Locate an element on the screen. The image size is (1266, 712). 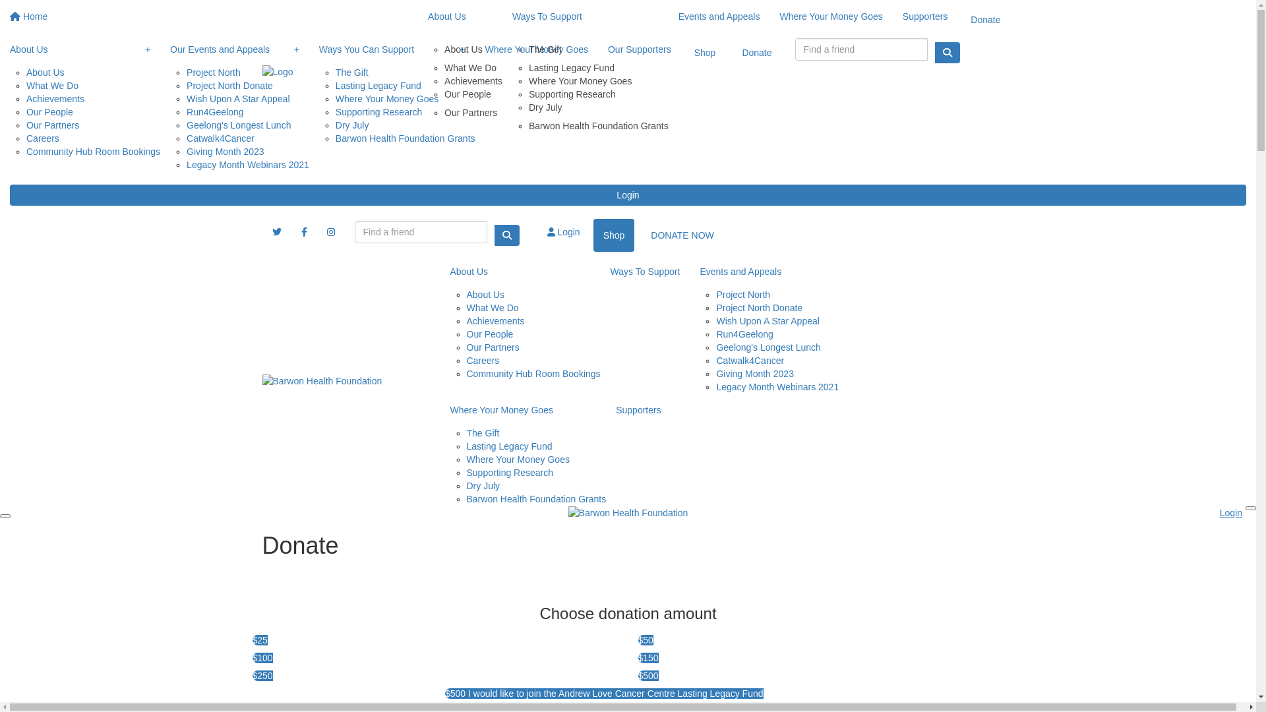
'Barwon Health Foundation Grants' is located at coordinates (528, 128).